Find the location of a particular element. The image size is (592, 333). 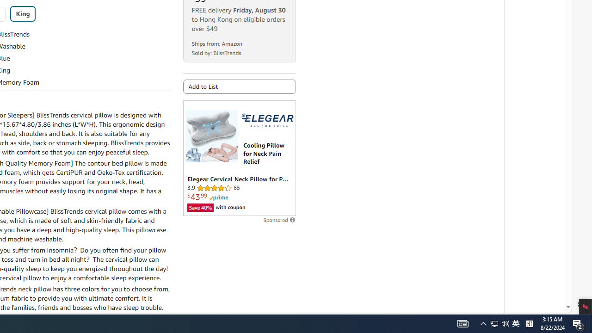

'King' is located at coordinates (23, 13).